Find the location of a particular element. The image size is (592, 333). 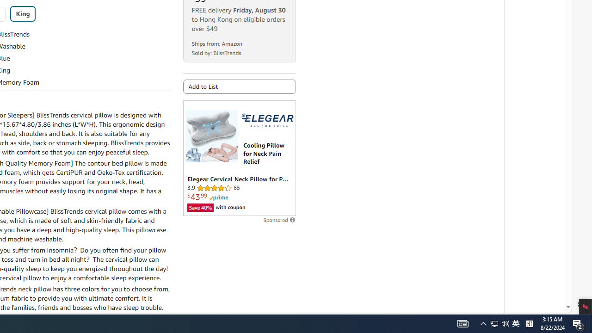

'King' is located at coordinates (23, 13).